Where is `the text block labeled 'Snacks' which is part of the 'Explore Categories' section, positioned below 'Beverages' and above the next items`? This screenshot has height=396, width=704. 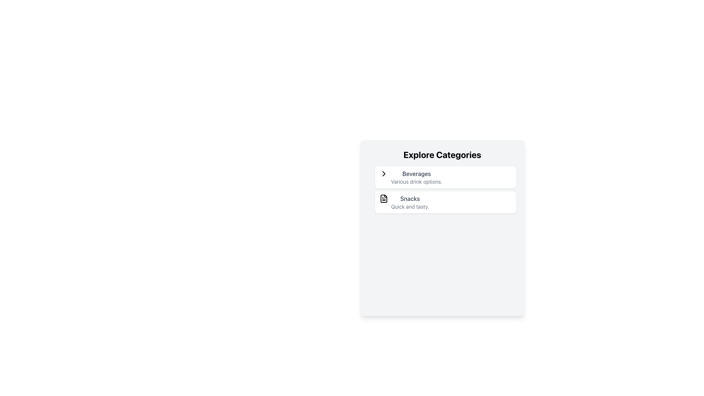 the text block labeled 'Snacks' which is part of the 'Explore Categories' section, positioned below 'Beverages' and above the next items is located at coordinates (410, 202).